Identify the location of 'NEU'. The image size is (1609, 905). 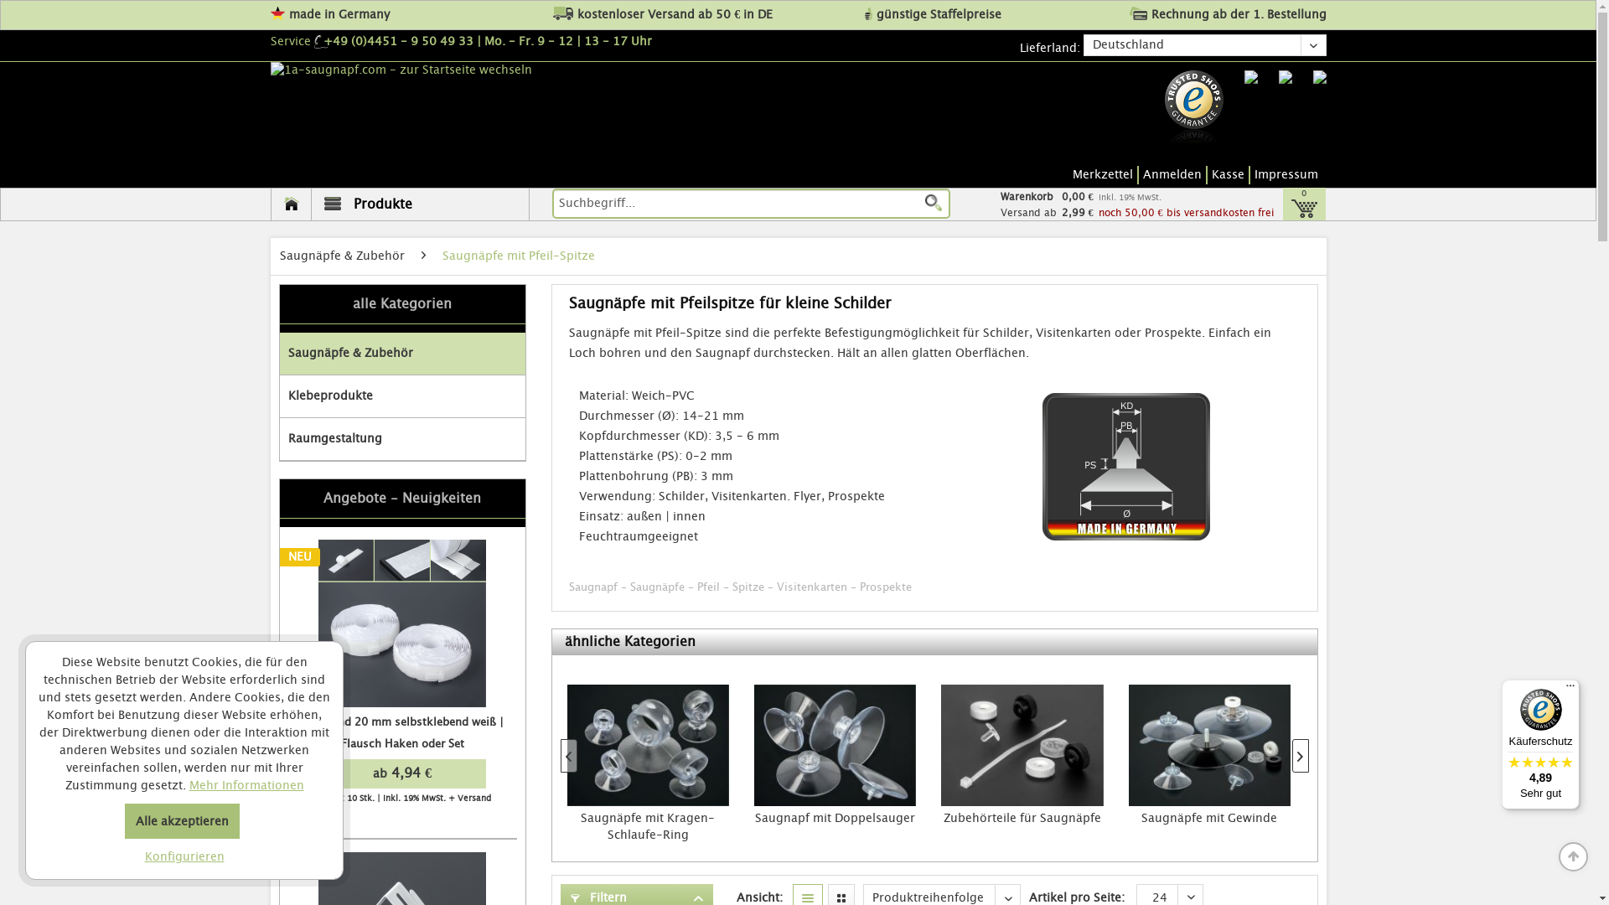
(402, 623).